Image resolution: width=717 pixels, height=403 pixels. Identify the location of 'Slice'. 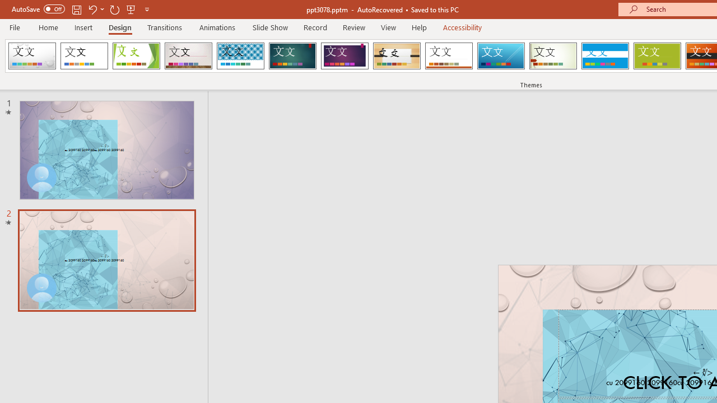
(500, 56).